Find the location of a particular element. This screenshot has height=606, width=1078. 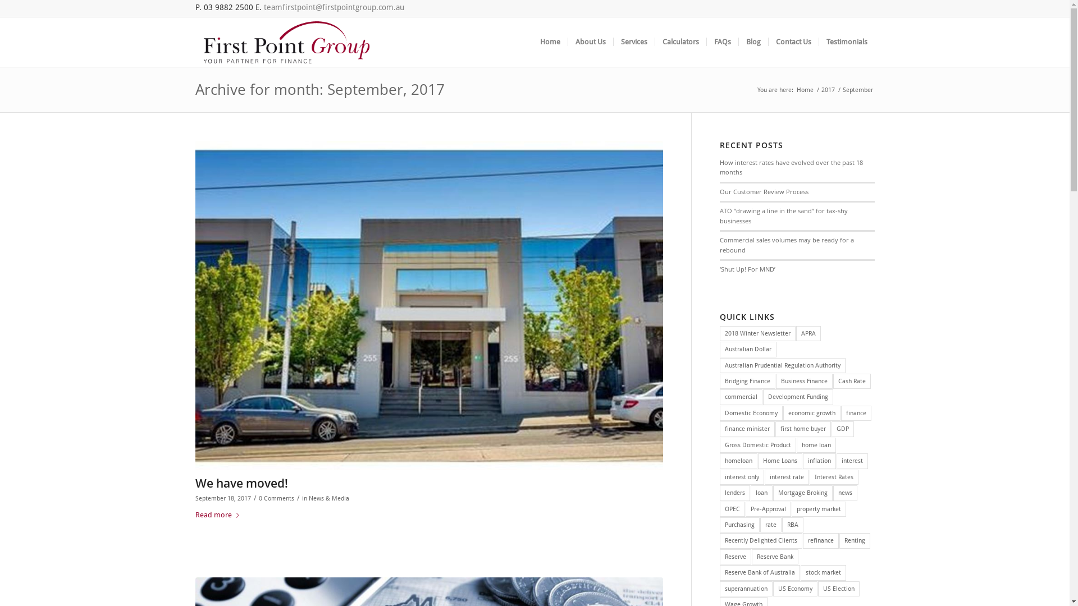

'teamfirstpoint@firstpointgroup.com.au' is located at coordinates (263, 7).